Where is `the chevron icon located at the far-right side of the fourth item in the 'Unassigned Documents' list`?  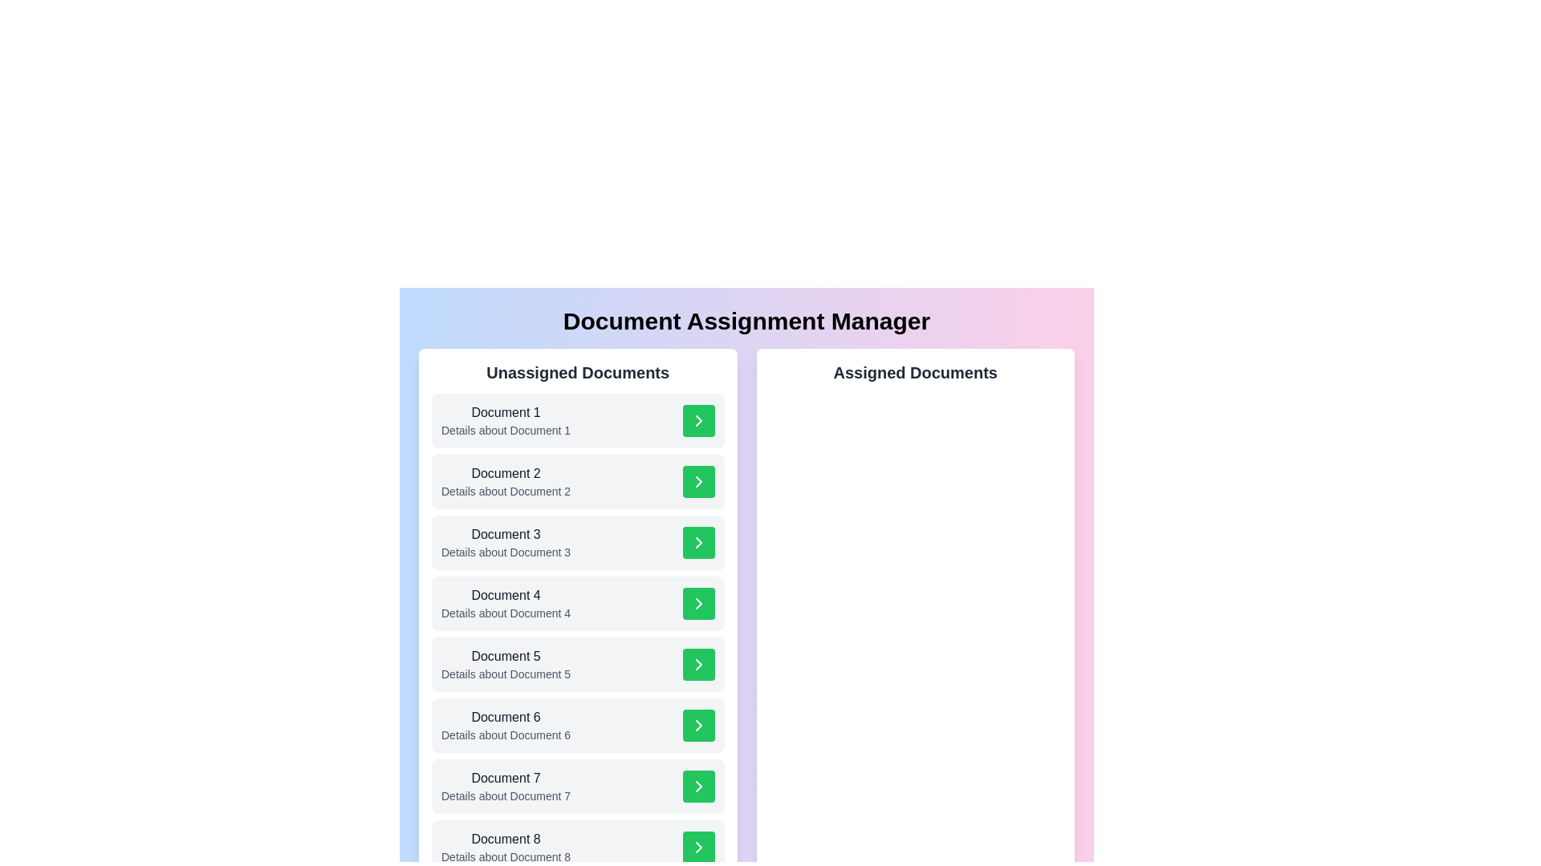 the chevron icon located at the far-right side of the fourth item in the 'Unassigned Documents' list is located at coordinates (698, 603).